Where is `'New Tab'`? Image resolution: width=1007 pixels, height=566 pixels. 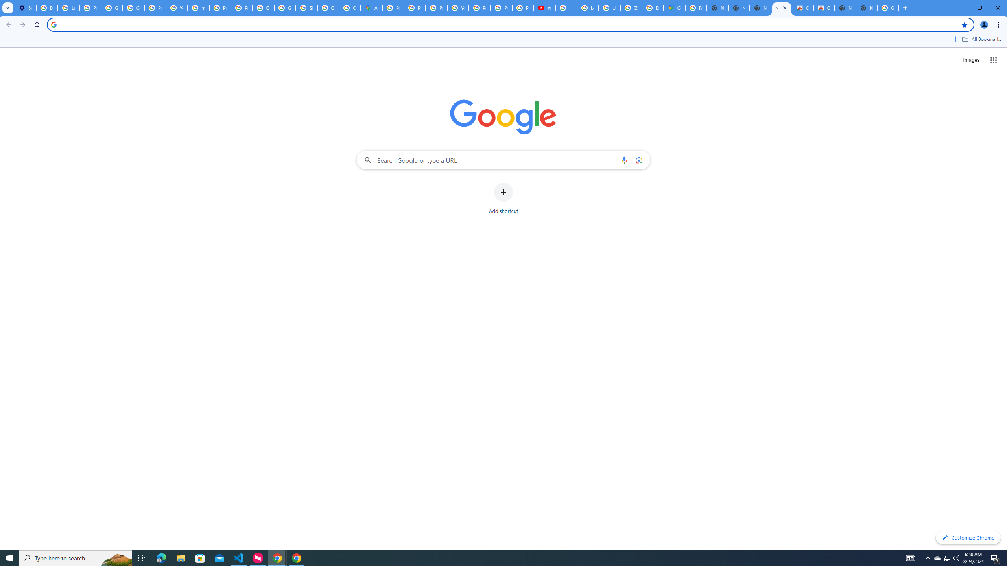 'New Tab' is located at coordinates (866, 7).